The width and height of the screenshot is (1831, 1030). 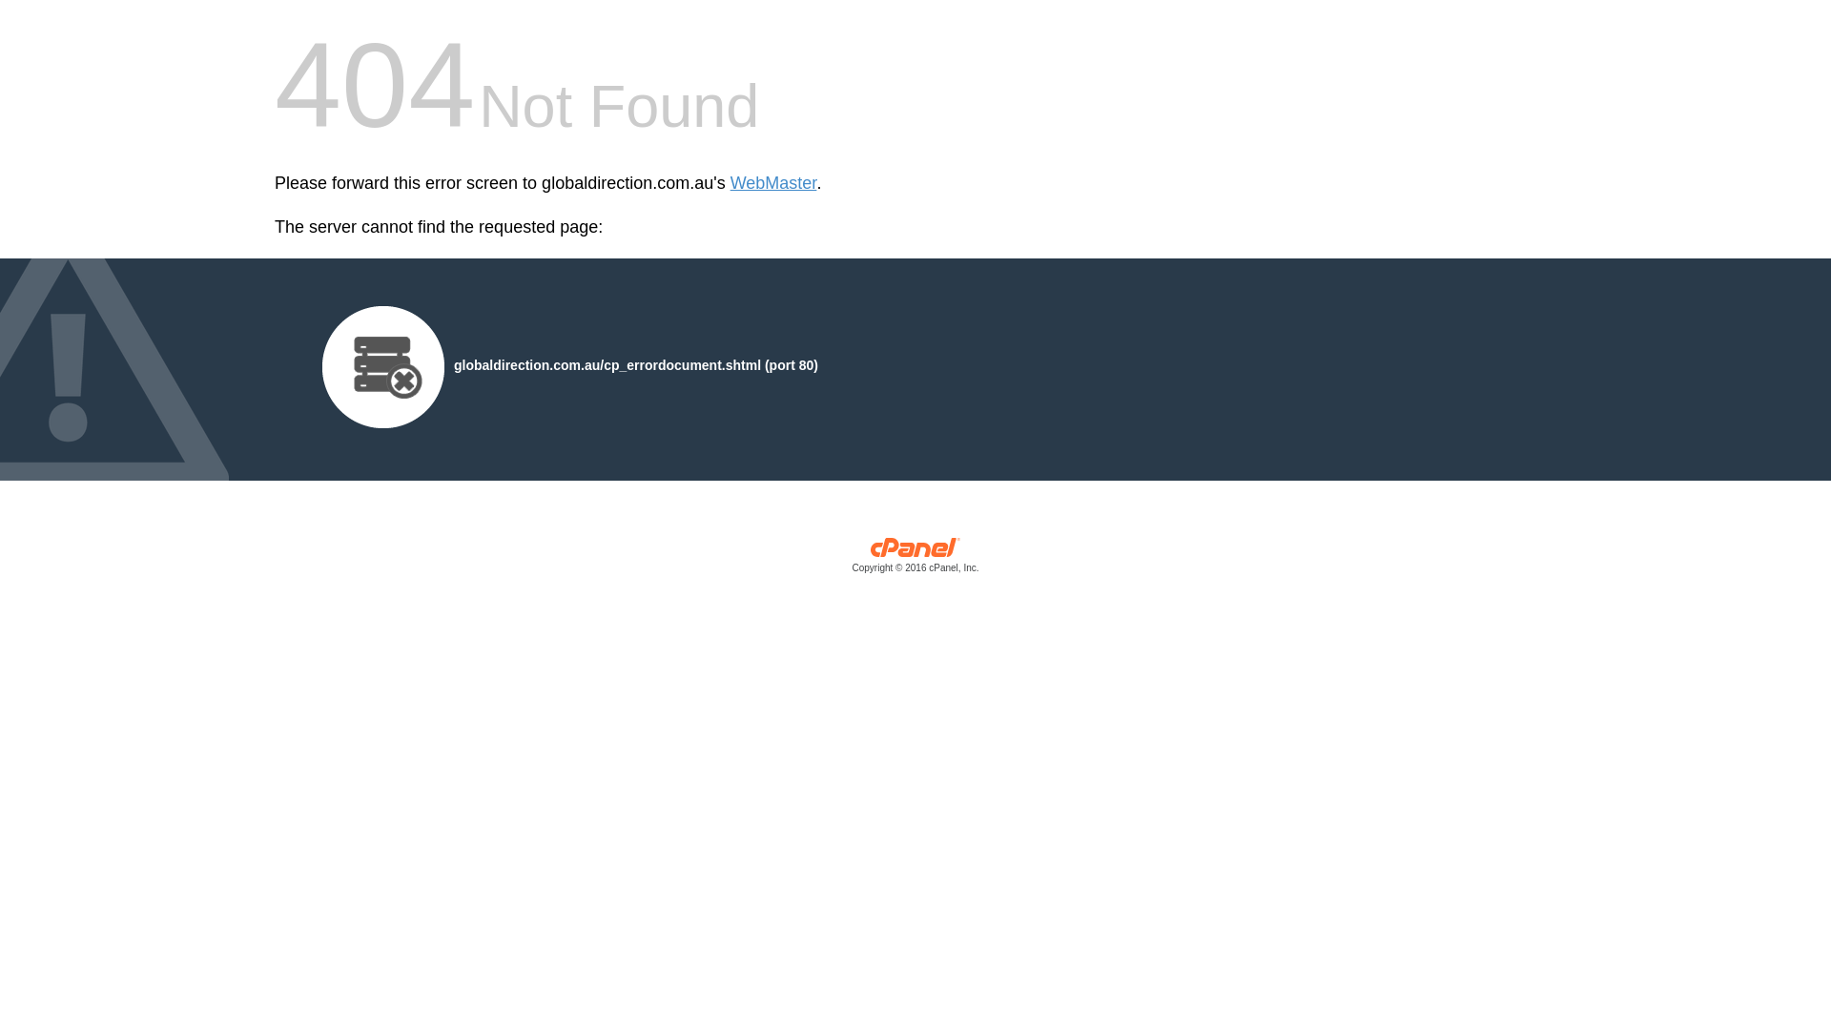 What do you see at coordinates (773, 183) in the screenshot?
I see `'WebMaster'` at bounding box center [773, 183].